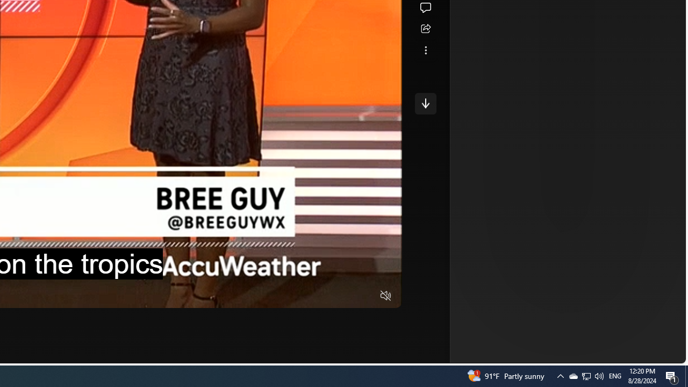  What do you see at coordinates (425, 28) in the screenshot?
I see `'Share this story'` at bounding box center [425, 28].